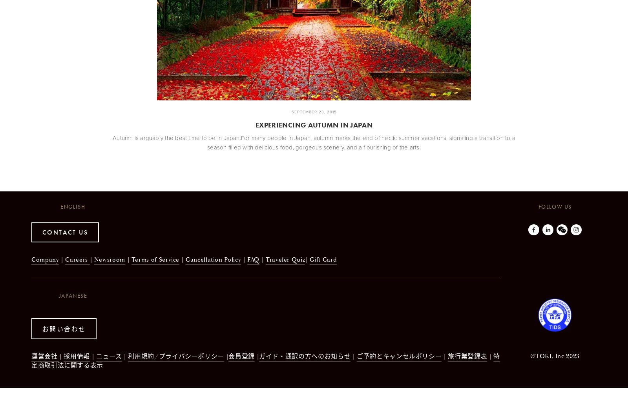 The image size is (628, 393). I want to click on 'FAQ', so click(253, 259).